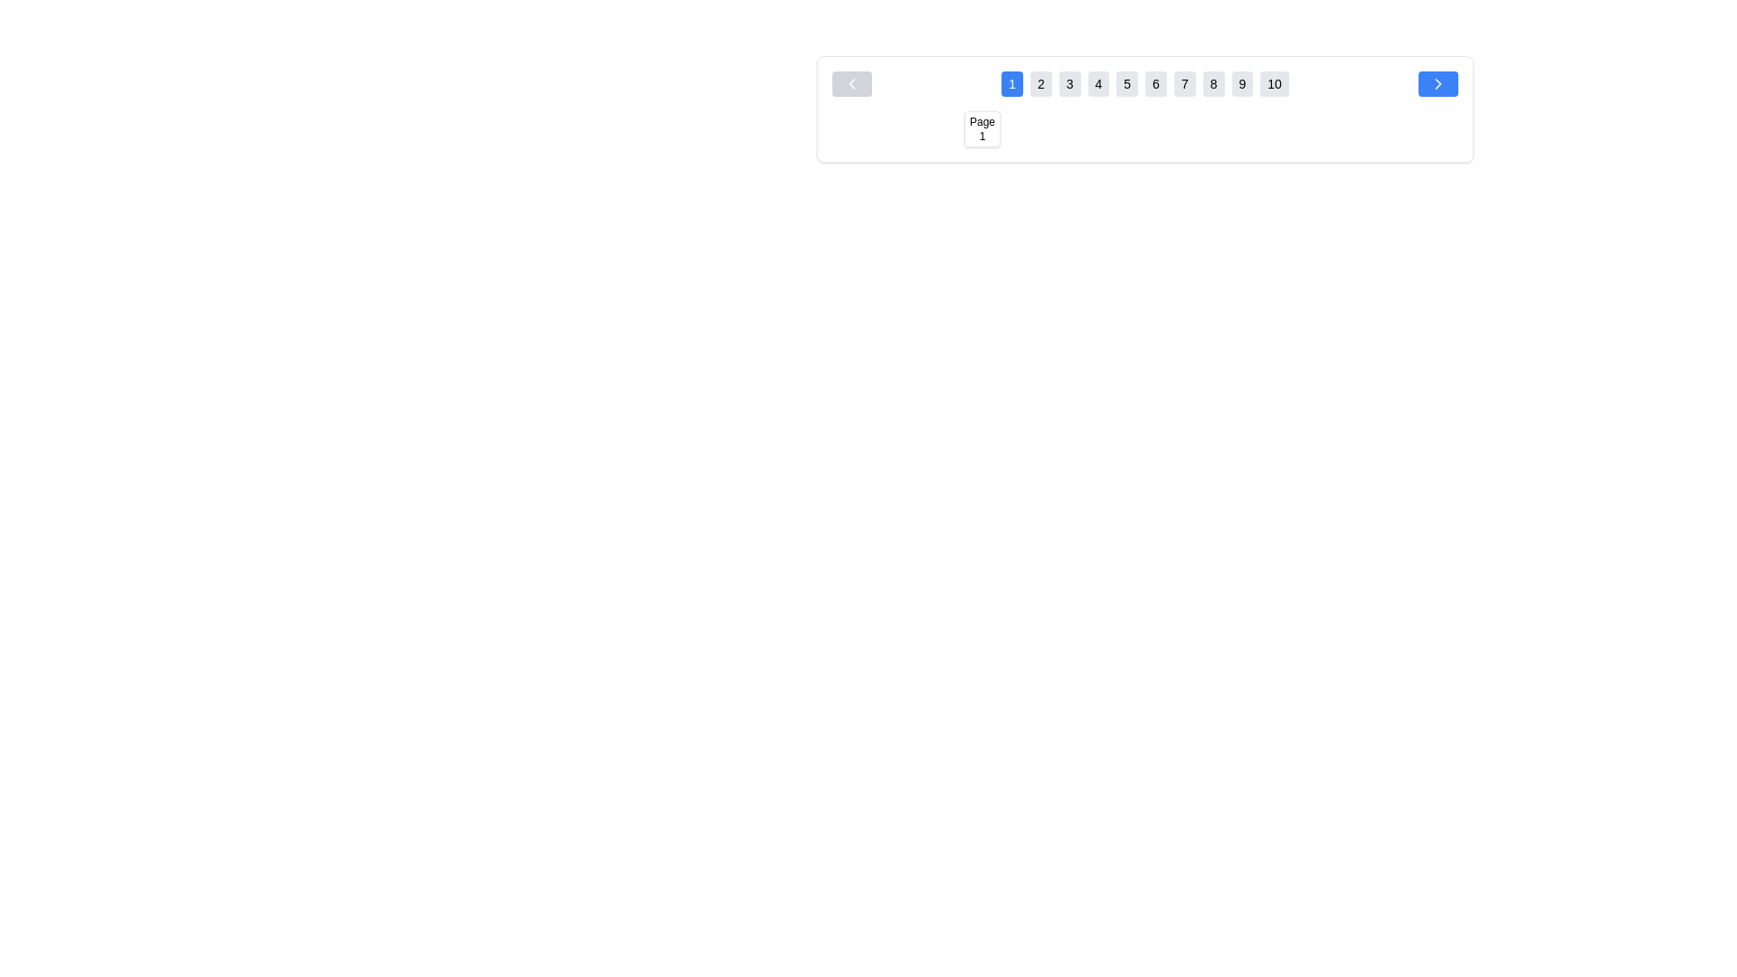 The image size is (1737, 977). What do you see at coordinates (1011, 83) in the screenshot?
I see `the blue button with a white number '1'` at bounding box center [1011, 83].